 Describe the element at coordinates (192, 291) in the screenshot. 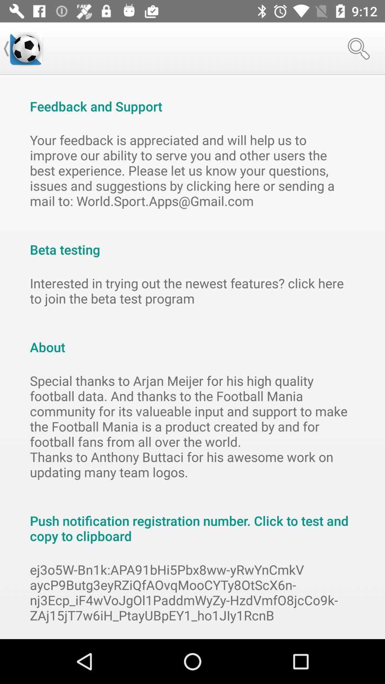

I see `interested in trying` at that location.